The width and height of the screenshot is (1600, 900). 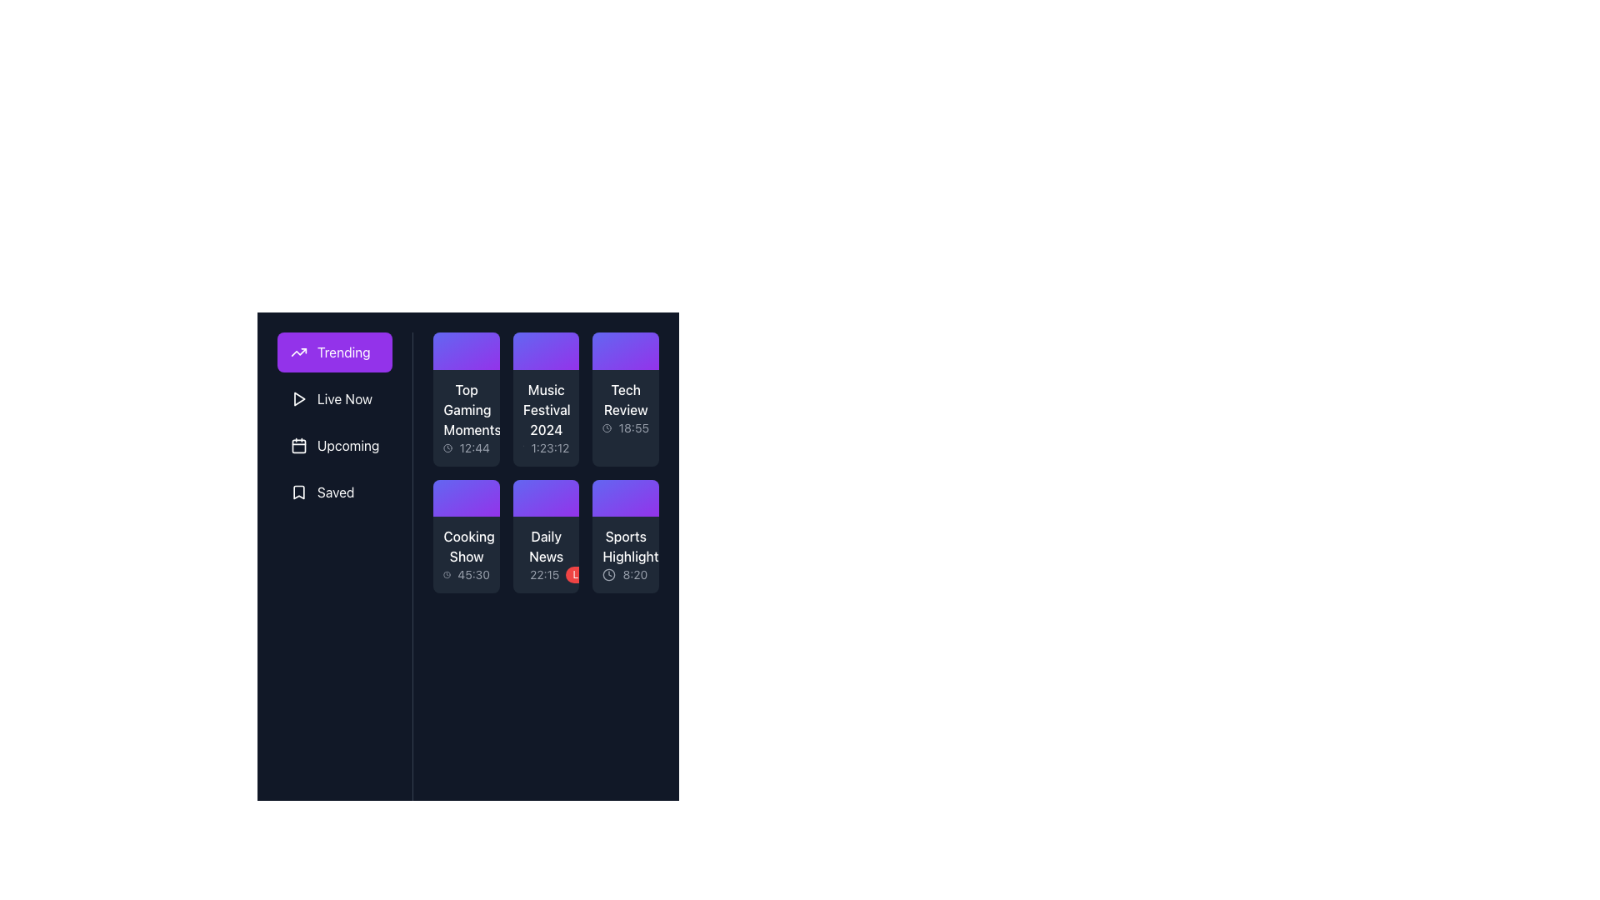 I want to click on the 'Daily News' text in the Information Card located in the second row of the grid layout under the 'Trending' section, so click(x=546, y=555).